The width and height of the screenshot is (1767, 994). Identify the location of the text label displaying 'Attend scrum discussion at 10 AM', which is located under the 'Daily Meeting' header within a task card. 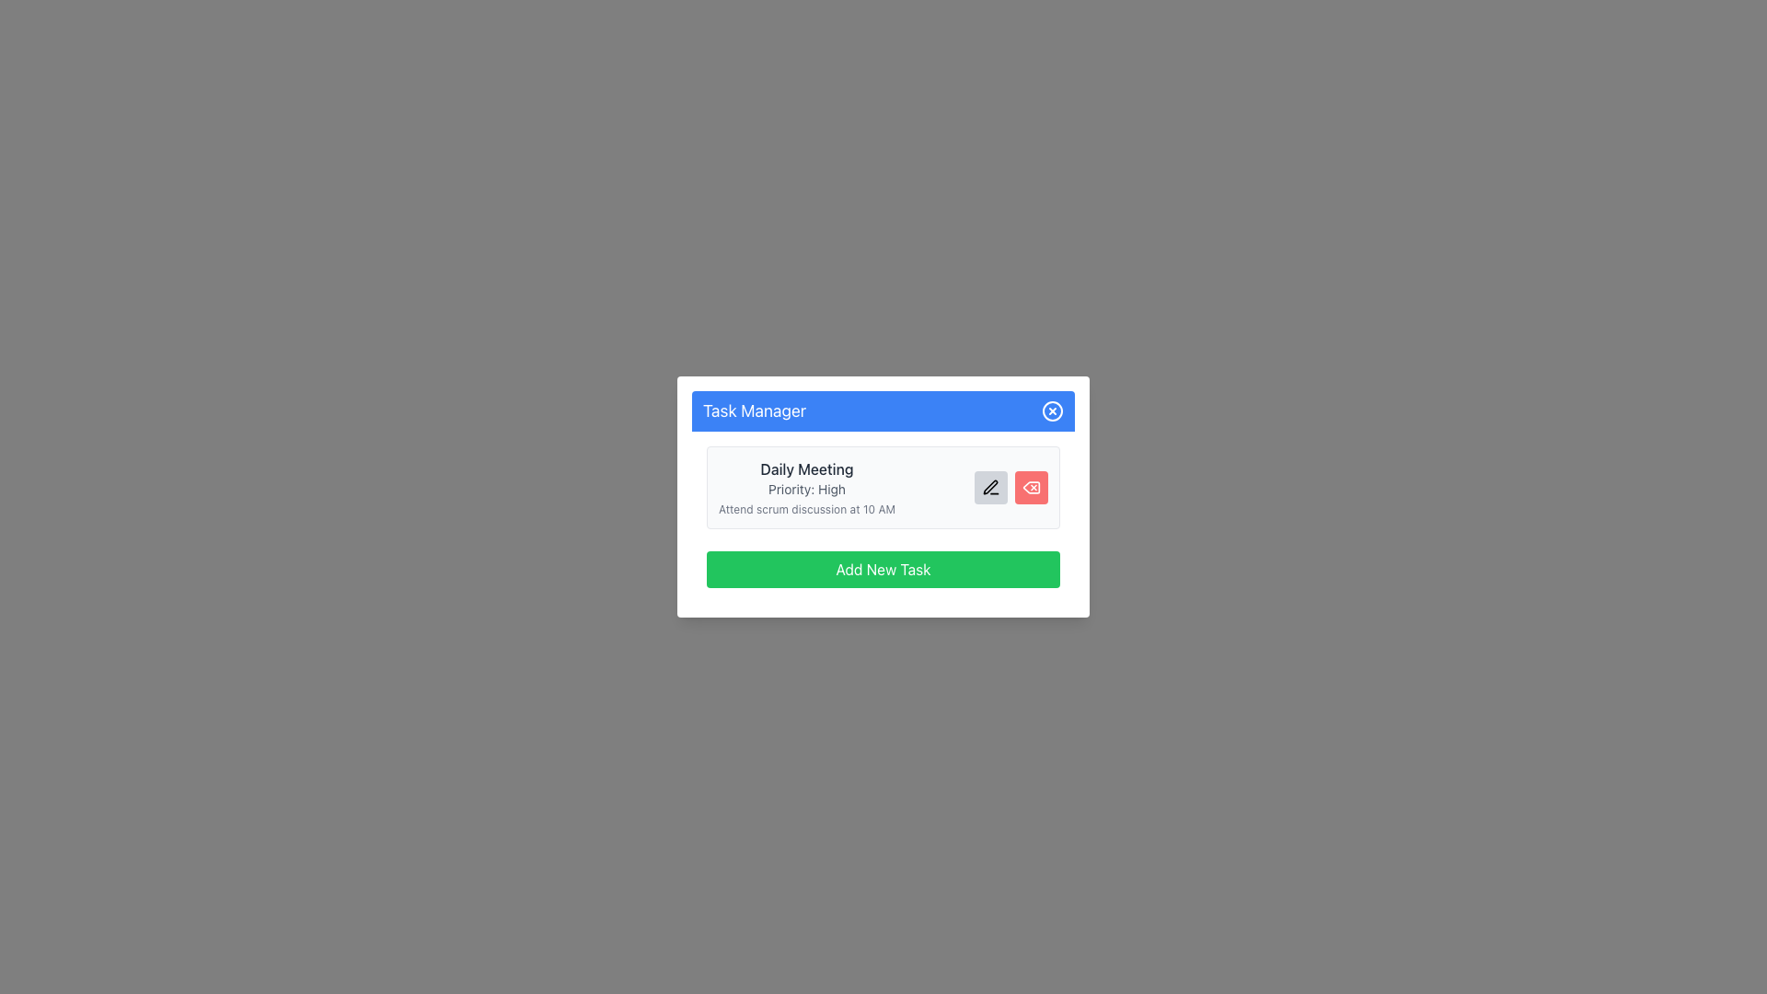
(807, 510).